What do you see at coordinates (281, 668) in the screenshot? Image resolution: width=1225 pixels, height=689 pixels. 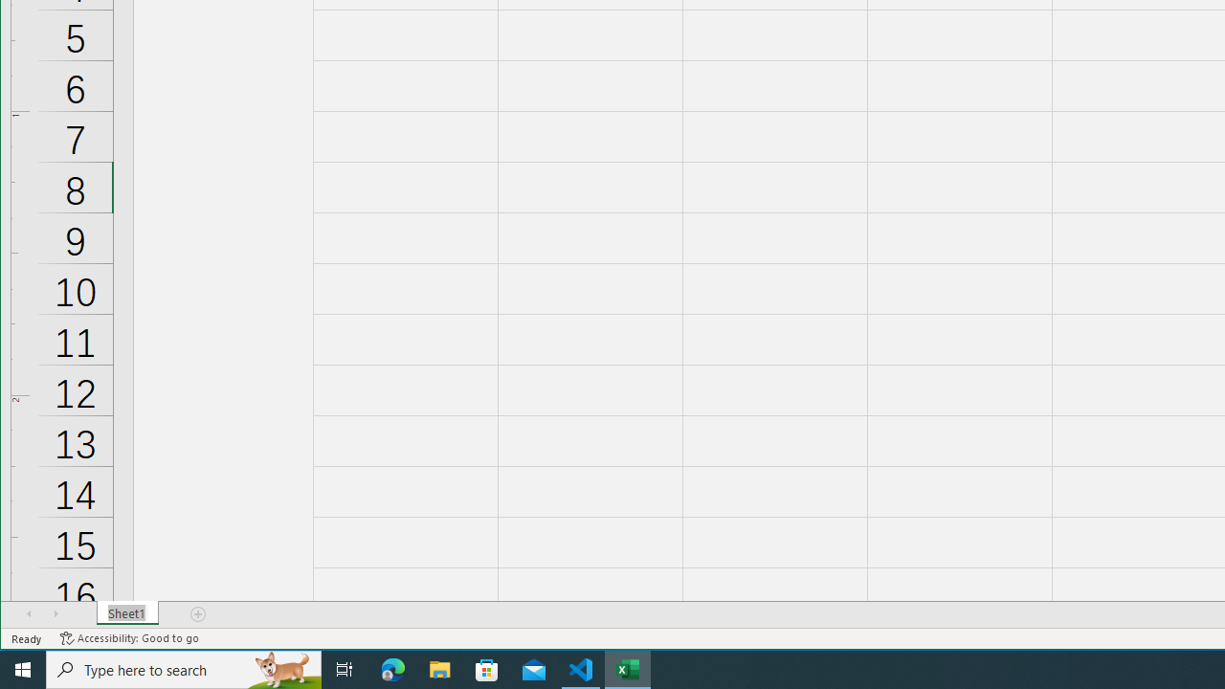 I see `'Search highlights icon opens search home window'` at bounding box center [281, 668].